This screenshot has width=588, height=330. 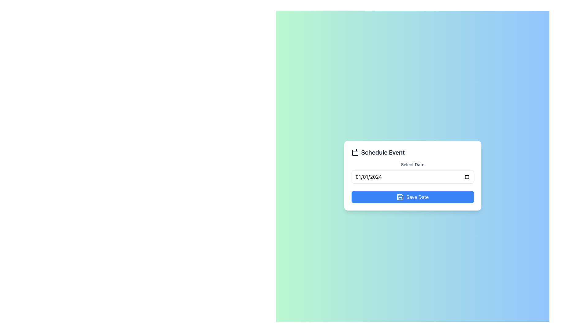 I want to click on the calendar icon that represents the 'Schedule Event' section in the header, located to the far left of the 'Schedule Event' label, so click(x=355, y=152).